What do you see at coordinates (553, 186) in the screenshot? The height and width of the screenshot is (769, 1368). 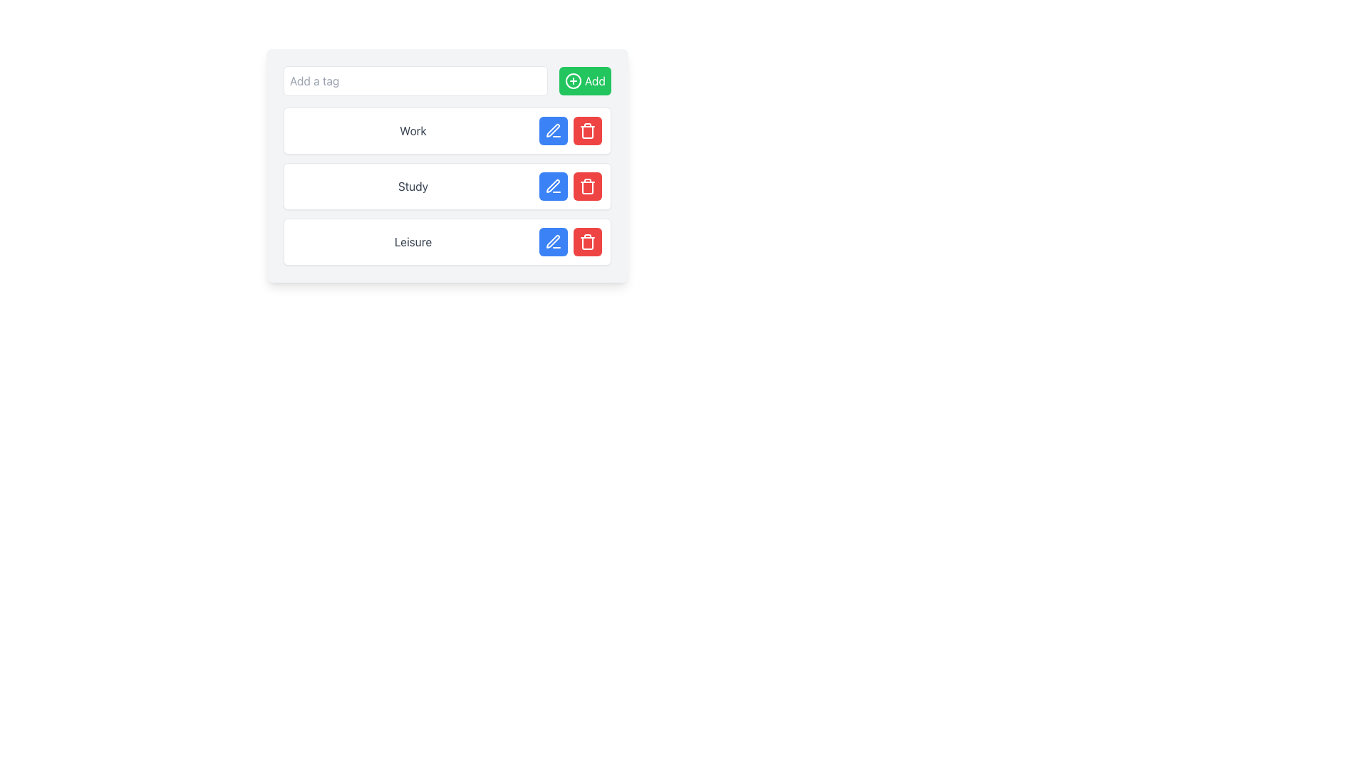 I see `the edit button (icon button with a pen symbol) located next to the 'Study' label` at bounding box center [553, 186].